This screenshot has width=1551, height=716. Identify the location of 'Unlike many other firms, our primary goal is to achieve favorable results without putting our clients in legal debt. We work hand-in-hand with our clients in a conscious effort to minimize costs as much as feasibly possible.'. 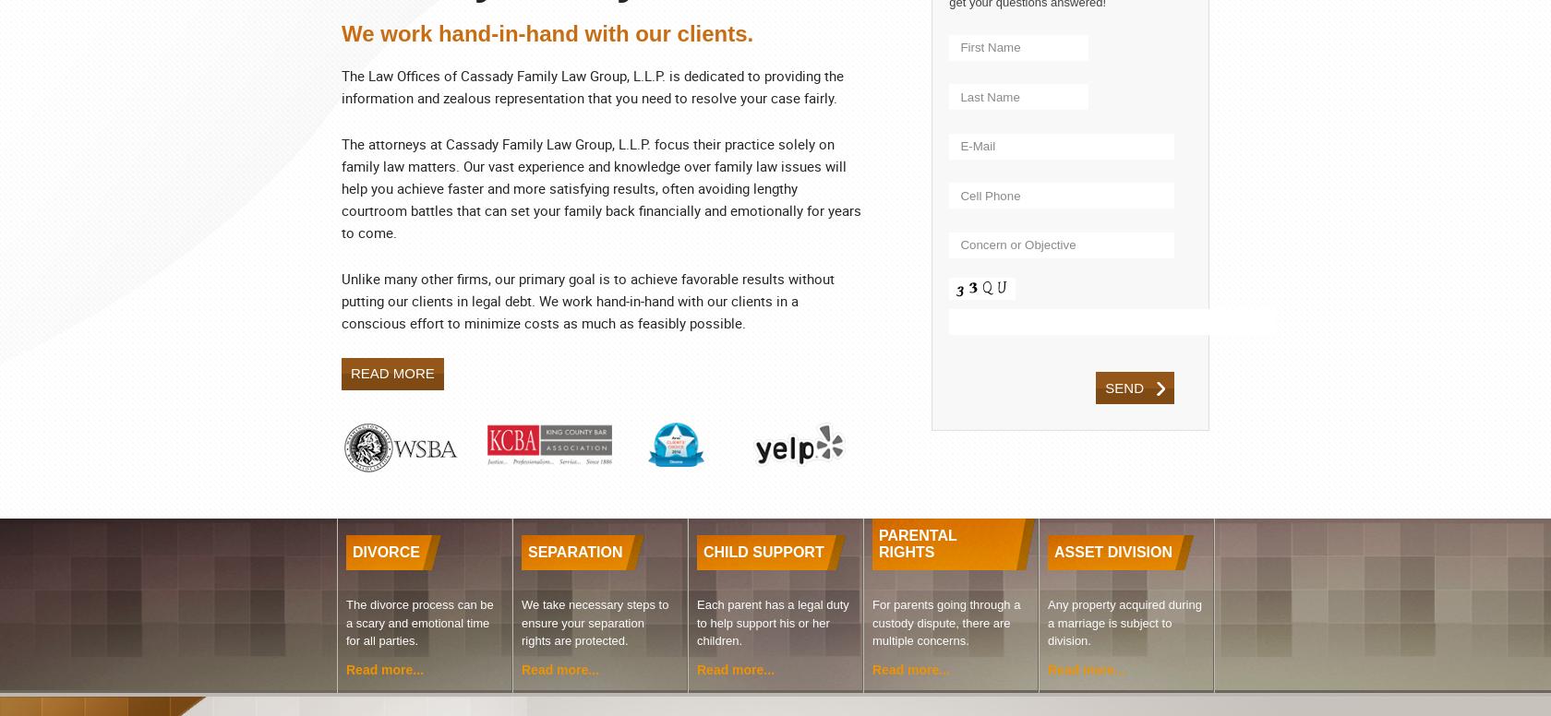
(588, 300).